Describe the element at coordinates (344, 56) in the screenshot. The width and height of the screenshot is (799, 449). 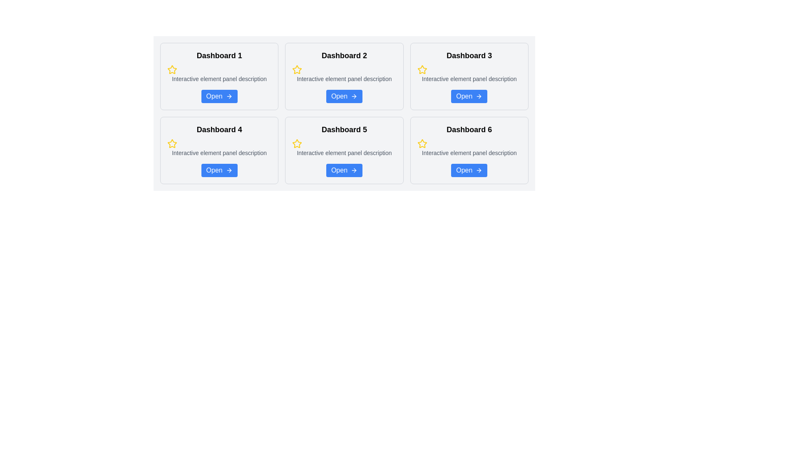
I see `the text label that serves as the main header for the 'Dashboard 2' panel` at that location.